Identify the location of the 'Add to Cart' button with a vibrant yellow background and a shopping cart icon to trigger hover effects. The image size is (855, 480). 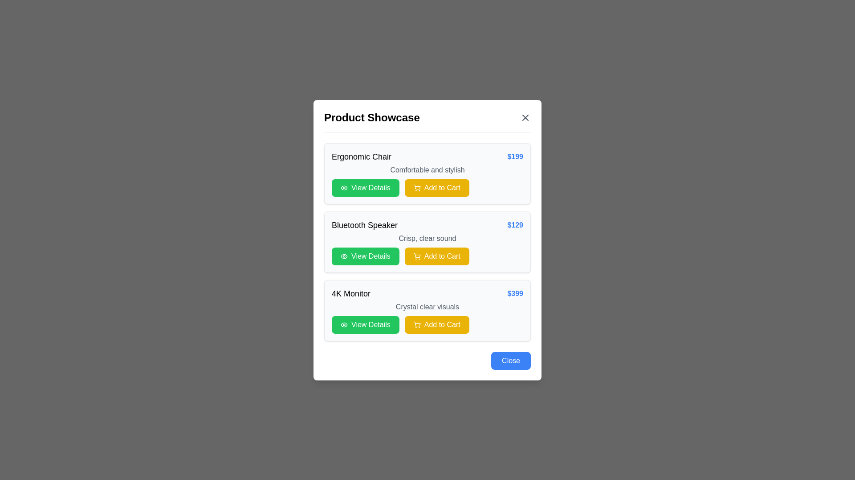
(437, 187).